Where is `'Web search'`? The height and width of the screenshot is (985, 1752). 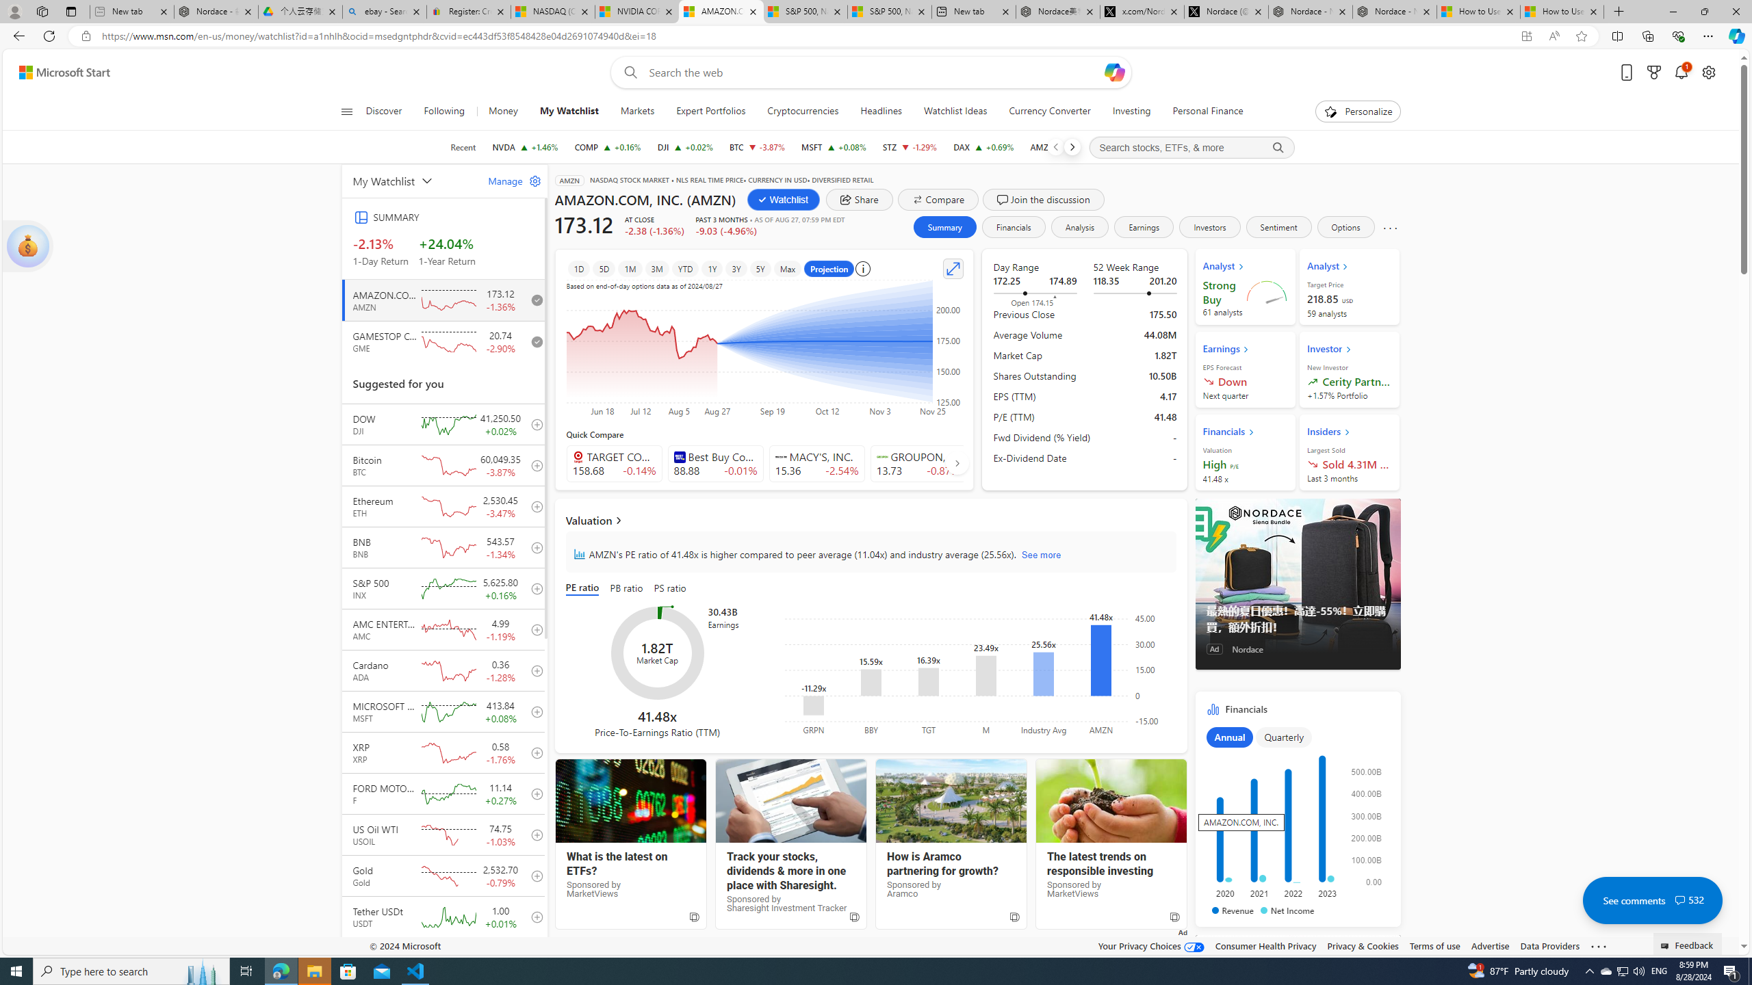
'Web search' is located at coordinates (627, 73).